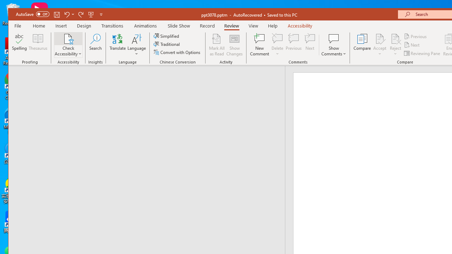 The image size is (452, 254). What do you see at coordinates (395, 38) in the screenshot?
I see `'Reject Change'` at bounding box center [395, 38].